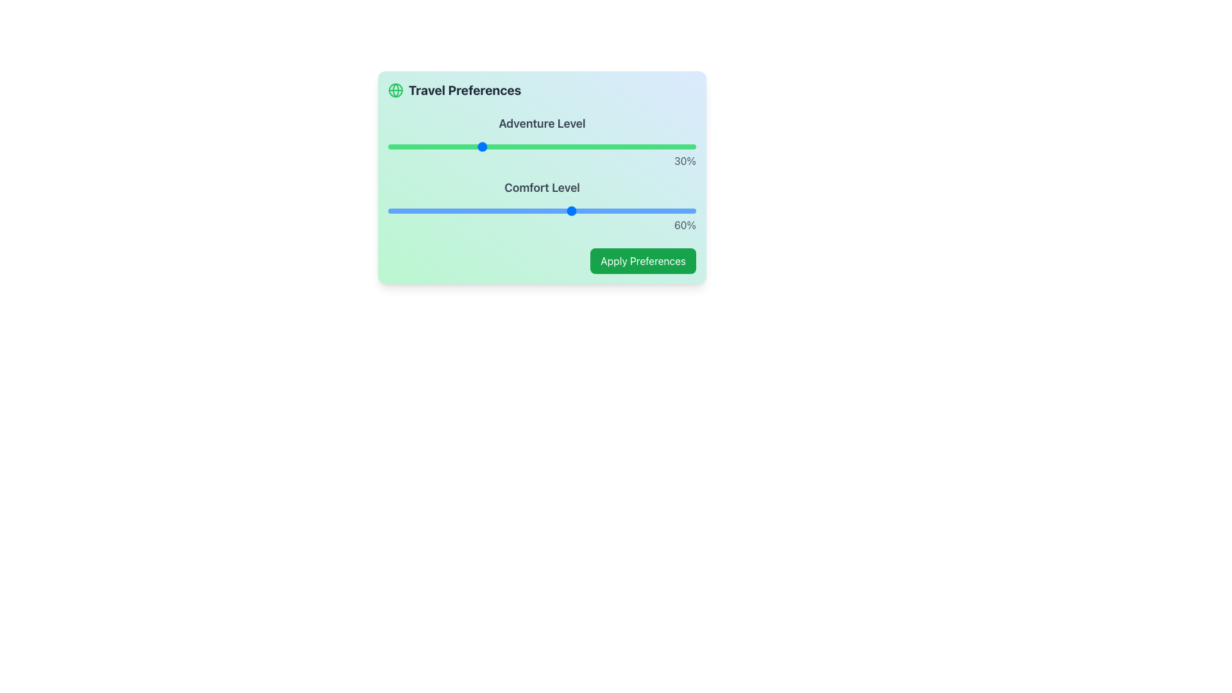 The image size is (1232, 693). Describe the element at coordinates (395, 90) in the screenshot. I see `the green globe icon located at the top-left corner of the 'Travel Preferences' card, positioned to the left of the title text` at that location.